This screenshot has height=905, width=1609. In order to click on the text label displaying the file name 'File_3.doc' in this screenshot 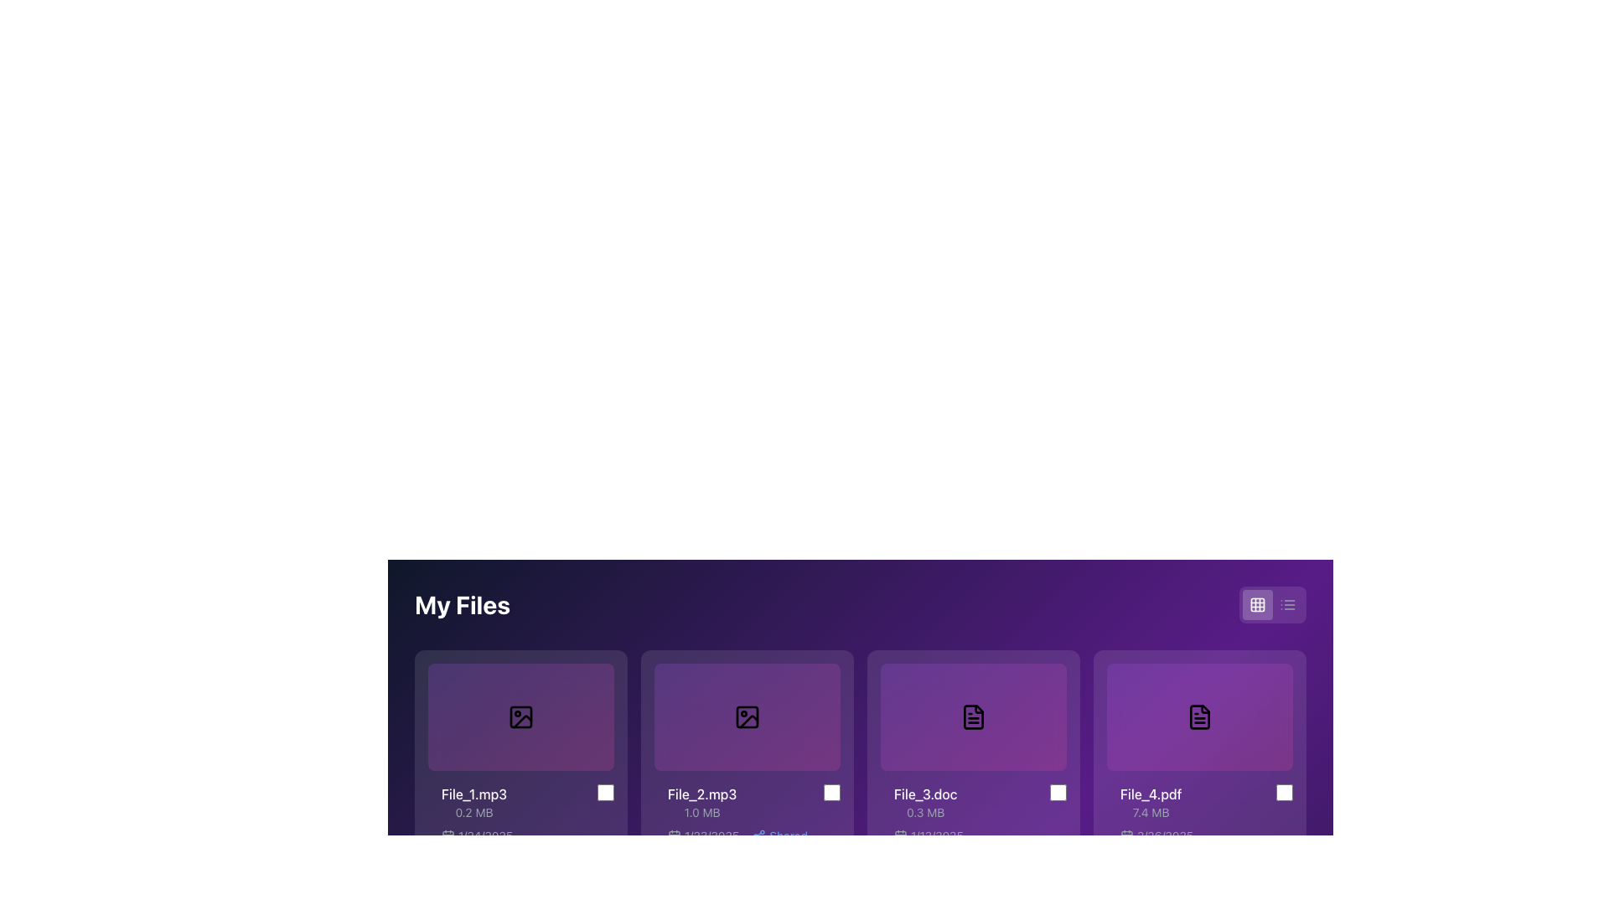, I will do `click(924, 794)`.